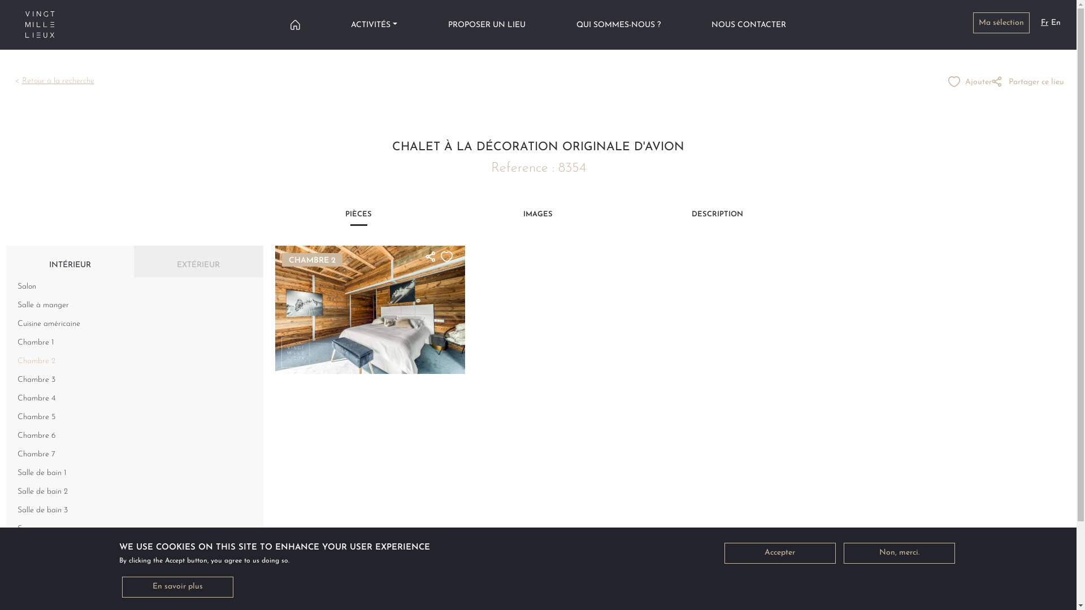 The width and height of the screenshot is (1085, 610). What do you see at coordinates (779, 552) in the screenshot?
I see `'Accepter'` at bounding box center [779, 552].